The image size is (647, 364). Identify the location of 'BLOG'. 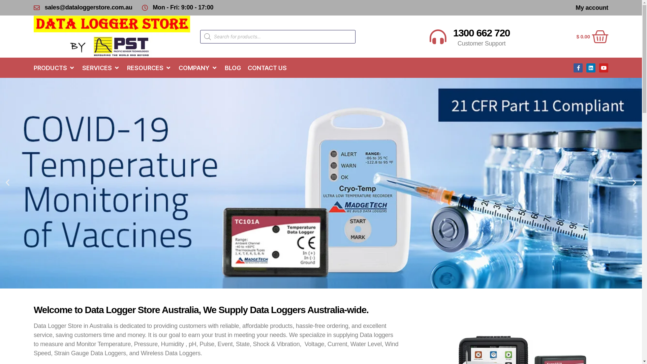
(233, 68).